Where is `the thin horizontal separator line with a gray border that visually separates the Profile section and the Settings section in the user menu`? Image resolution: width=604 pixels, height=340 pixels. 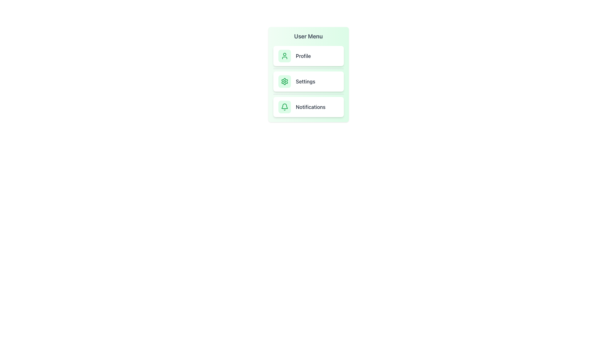
the thin horizontal separator line with a gray border that visually separates the Profile section and the Settings section in the user menu is located at coordinates (308, 69).